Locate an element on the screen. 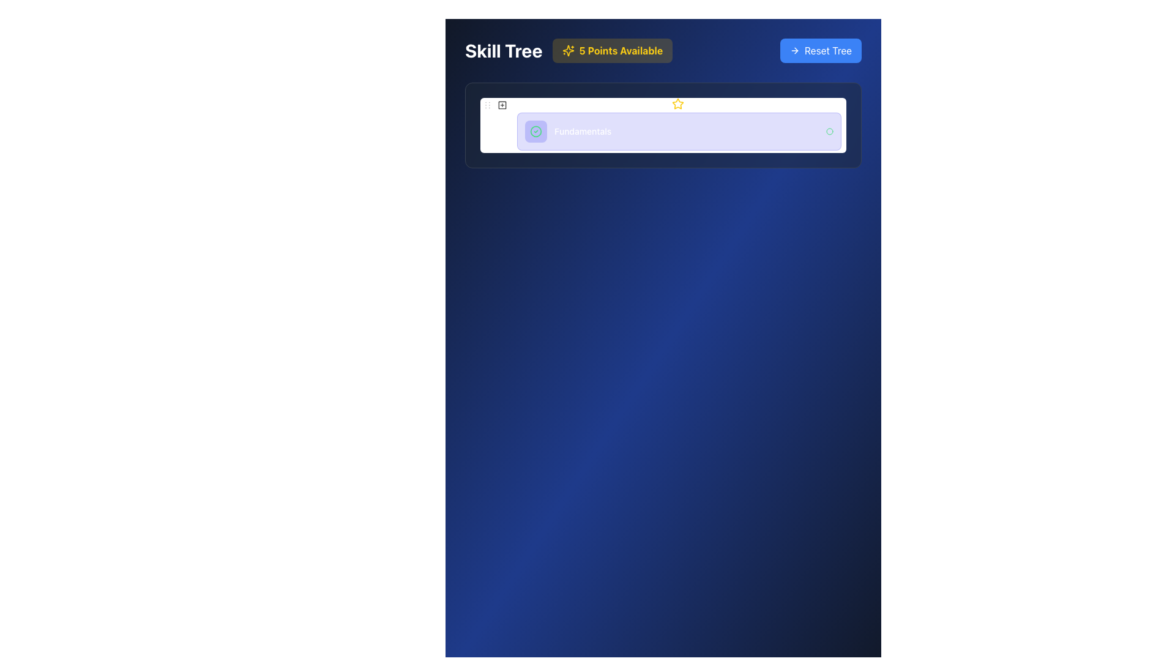 The width and height of the screenshot is (1175, 661). the circular shape with a green border and transparent center, located within the illustrative icon to the left of the 'Fundamentals' text in the light purple section is located at coordinates (535, 132).